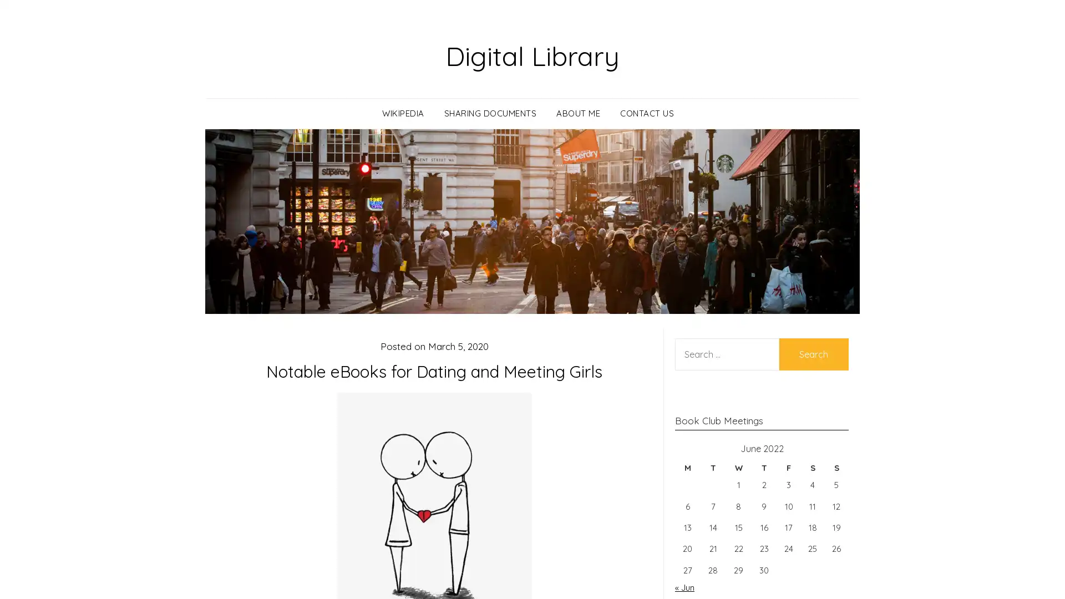 This screenshot has width=1065, height=599. Describe the element at coordinates (813, 353) in the screenshot. I see `Search` at that location.